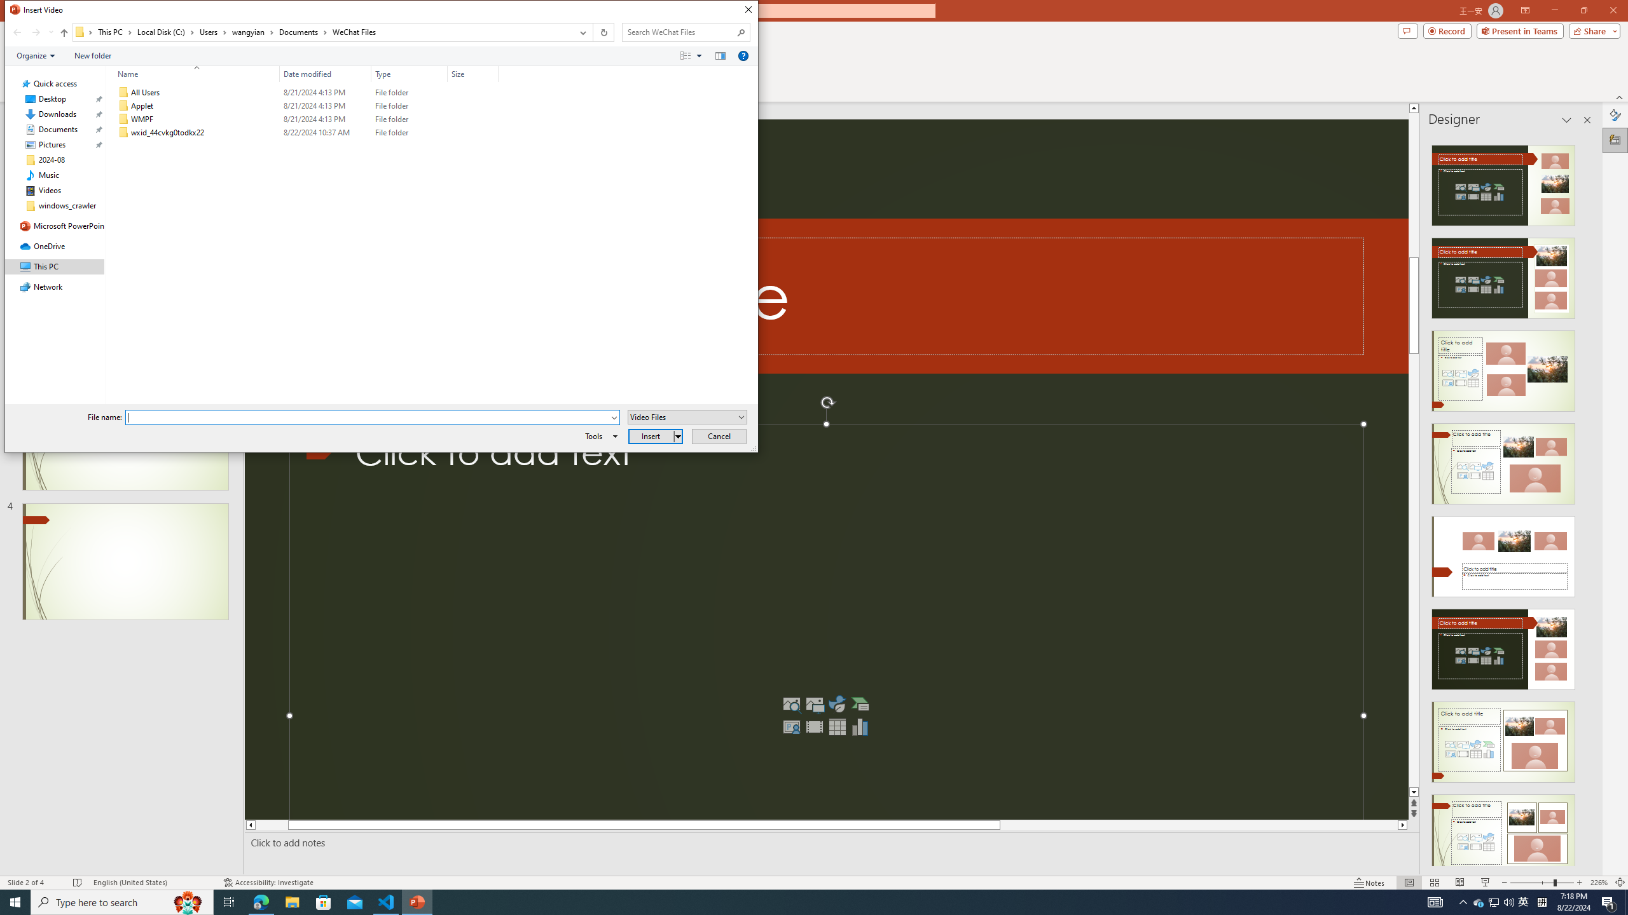 The height and width of the screenshot is (915, 1628). Describe the element at coordinates (860, 703) in the screenshot. I see `'Insert a SmartArt Graphic'` at that location.